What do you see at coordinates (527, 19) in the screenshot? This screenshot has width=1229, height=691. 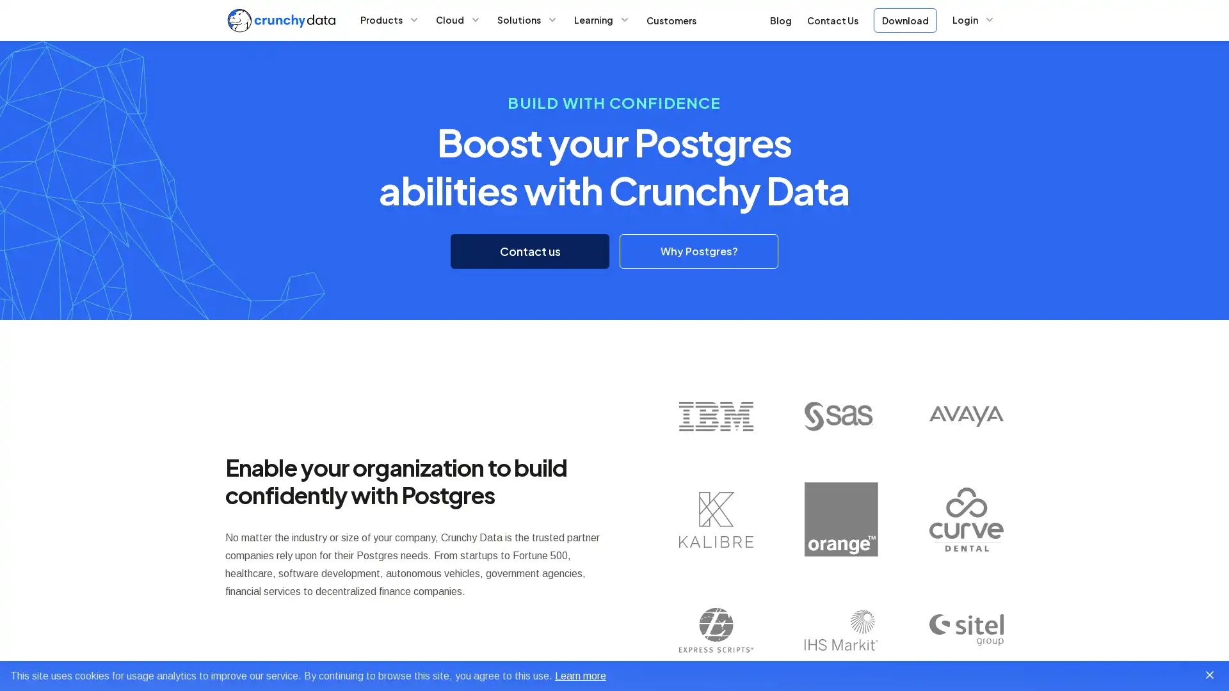 I see `Solutions` at bounding box center [527, 19].